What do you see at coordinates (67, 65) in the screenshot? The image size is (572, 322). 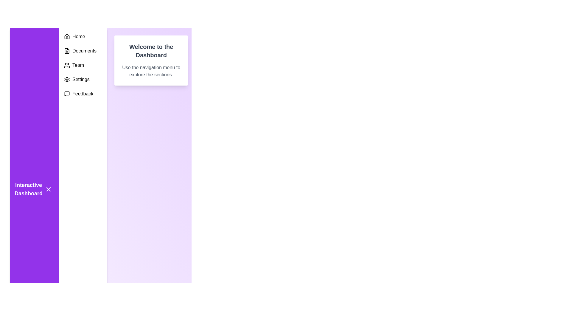 I see `the compact icon representing a group of users located within the 'Team' menu option` at bounding box center [67, 65].